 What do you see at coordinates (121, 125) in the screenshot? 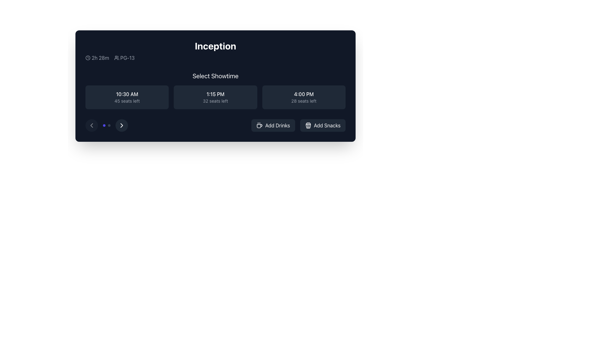
I see `the interactive chevron-right icon button located in the bottom left area of the interface, which is used for navigating forward` at bounding box center [121, 125].